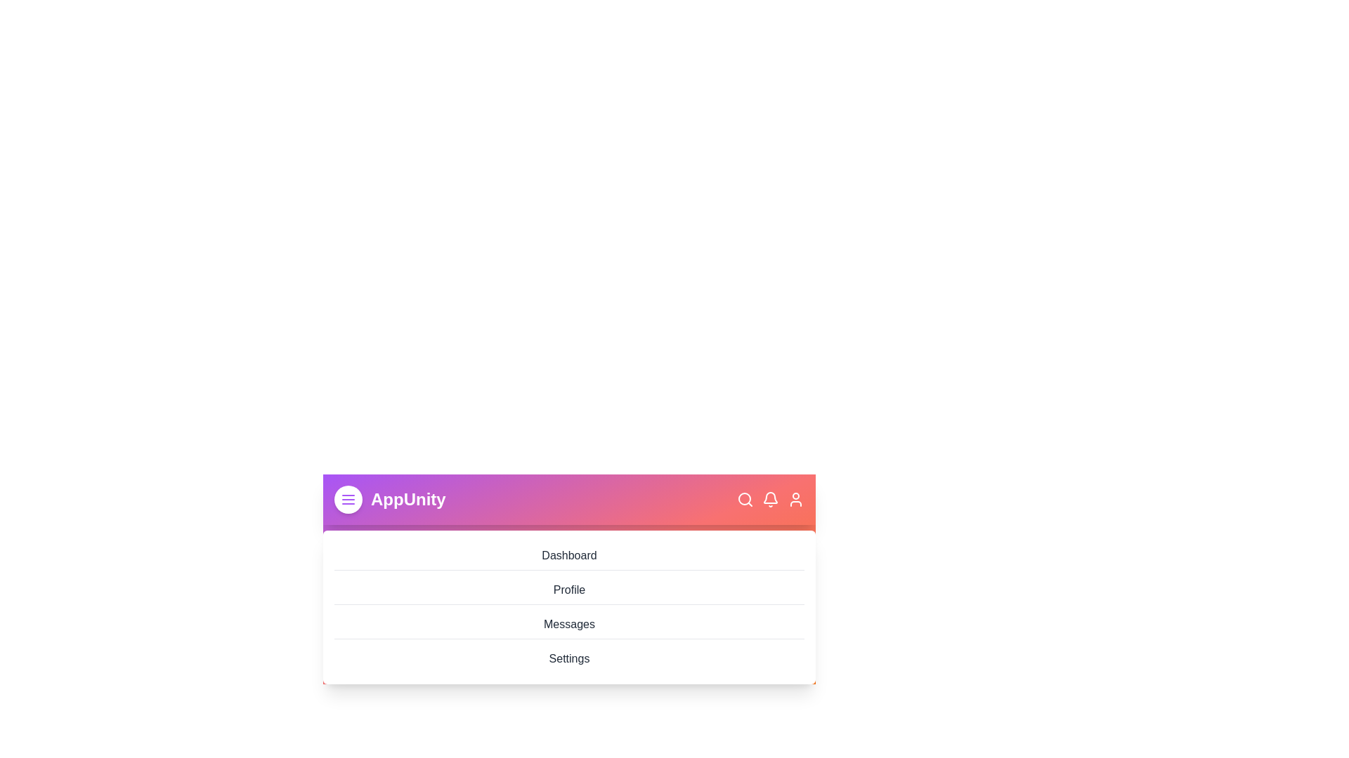 The image size is (1349, 758). What do you see at coordinates (744, 499) in the screenshot?
I see `the specified icon: search` at bounding box center [744, 499].